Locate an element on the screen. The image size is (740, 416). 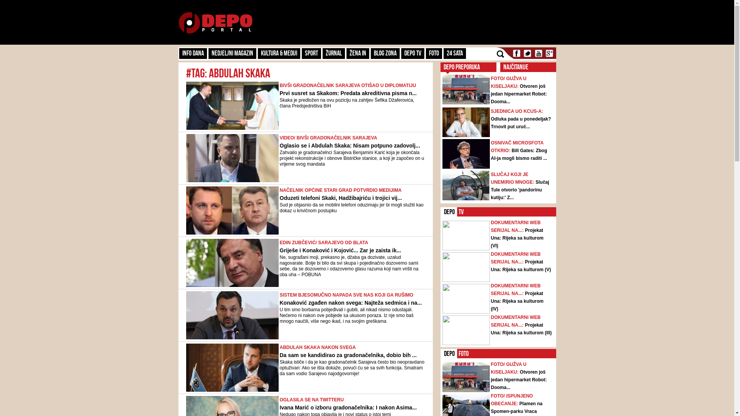
'Prvi susret sa Skakom: Predata akreditivna pisma n...' is located at coordinates (348, 93).